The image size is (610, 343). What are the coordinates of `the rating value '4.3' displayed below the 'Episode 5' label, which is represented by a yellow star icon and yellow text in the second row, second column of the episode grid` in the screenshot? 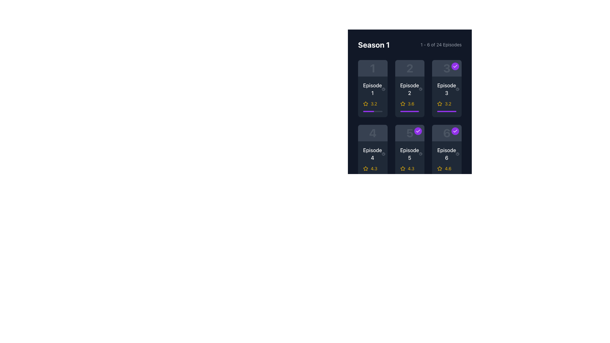 It's located at (410, 168).